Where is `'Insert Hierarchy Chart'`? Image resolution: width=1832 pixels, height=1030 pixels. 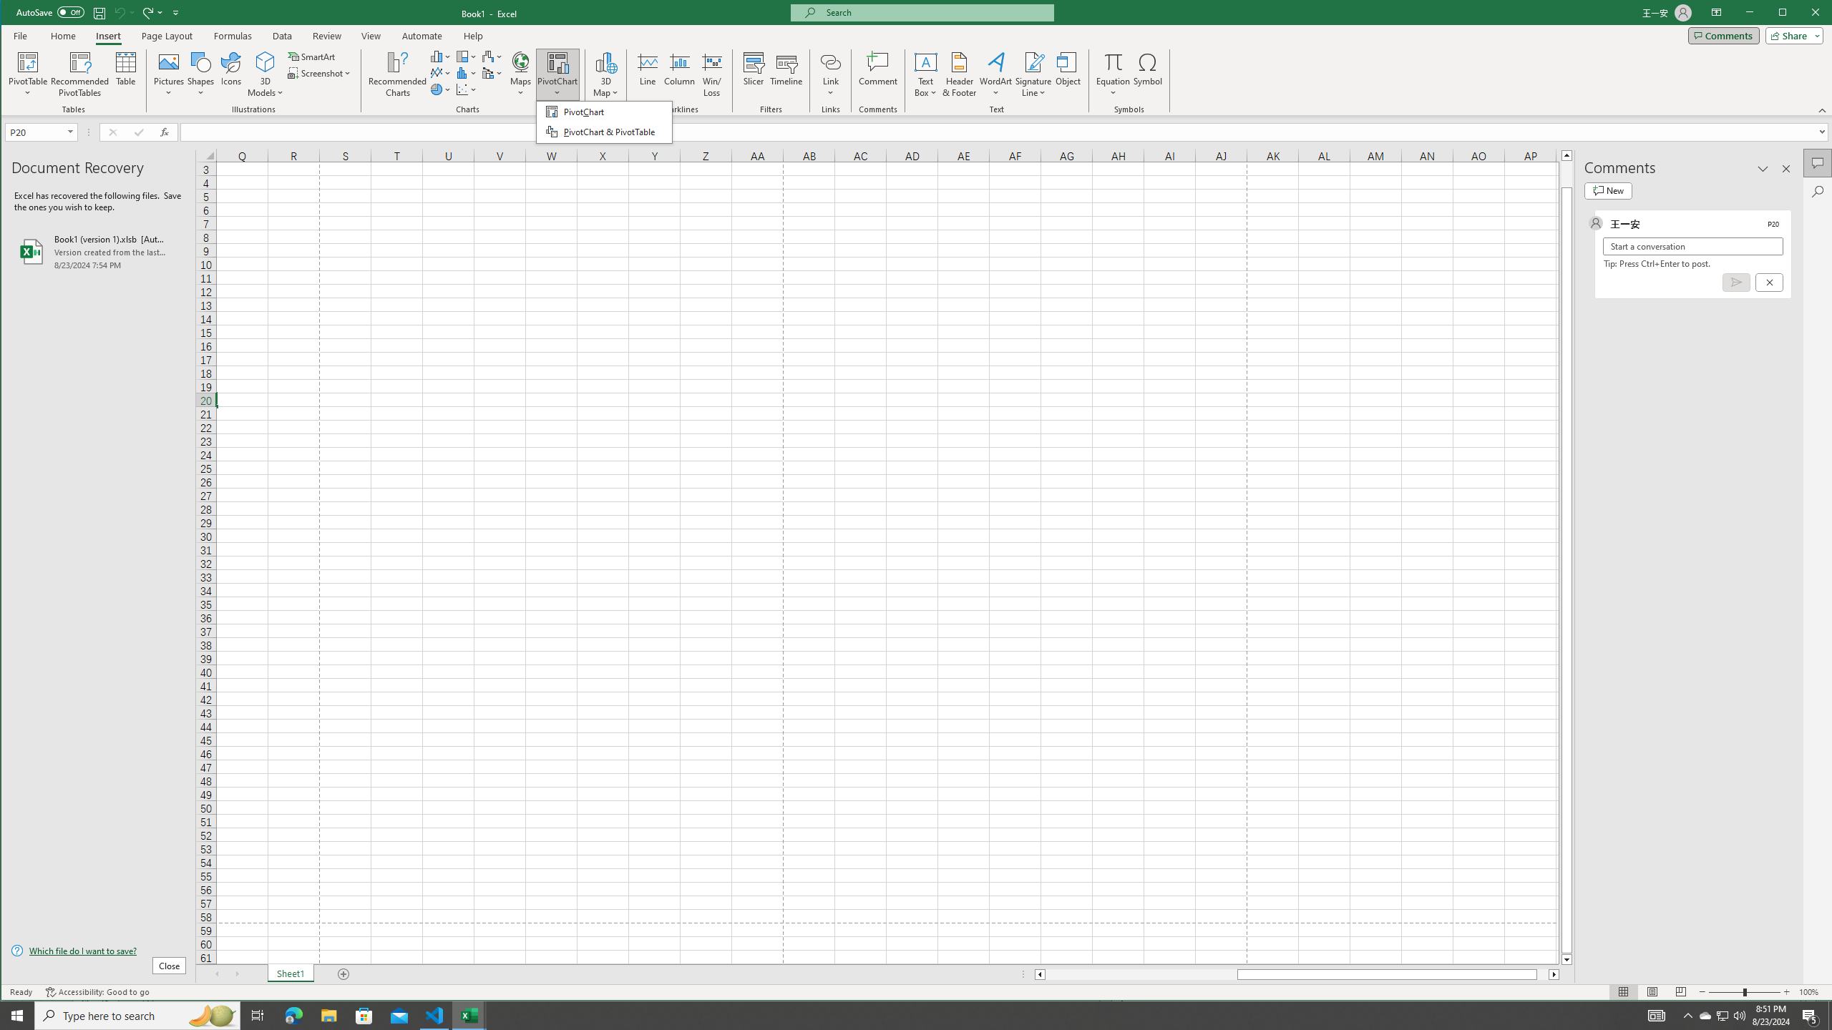
'Insert Hierarchy Chart' is located at coordinates (467, 56).